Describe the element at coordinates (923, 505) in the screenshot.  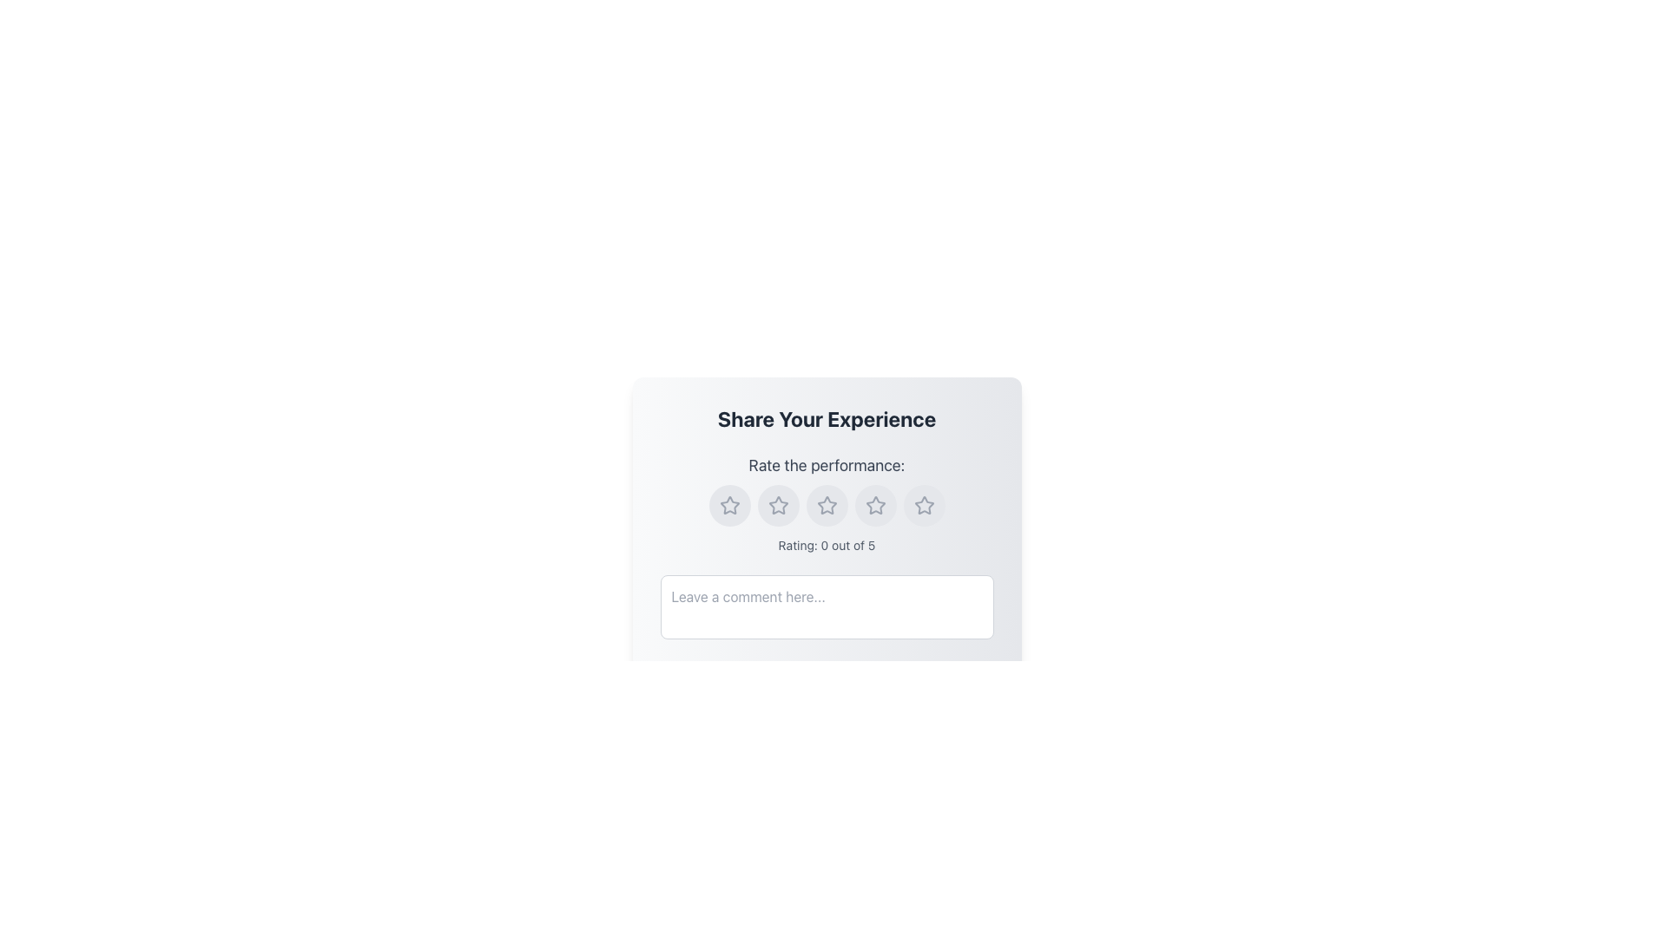
I see `the fifth star-shaped rating icon, which is outlined in gray and located within a light gray circular button` at that location.